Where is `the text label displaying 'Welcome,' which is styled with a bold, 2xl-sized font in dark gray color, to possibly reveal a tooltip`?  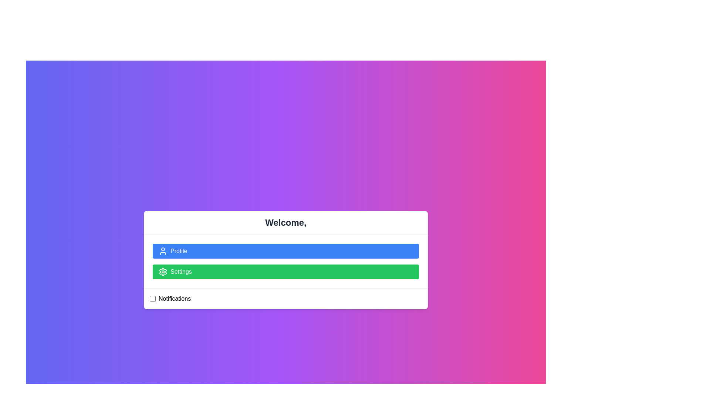
the text label displaying 'Welcome,' which is styled with a bold, 2xl-sized font in dark gray color, to possibly reveal a tooltip is located at coordinates (285, 222).